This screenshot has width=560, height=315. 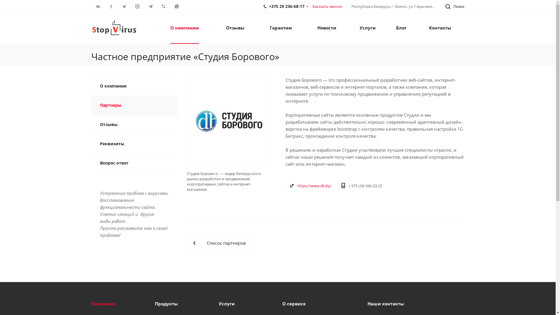 I want to click on 'https://www.db.by/', so click(x=297, y=185).